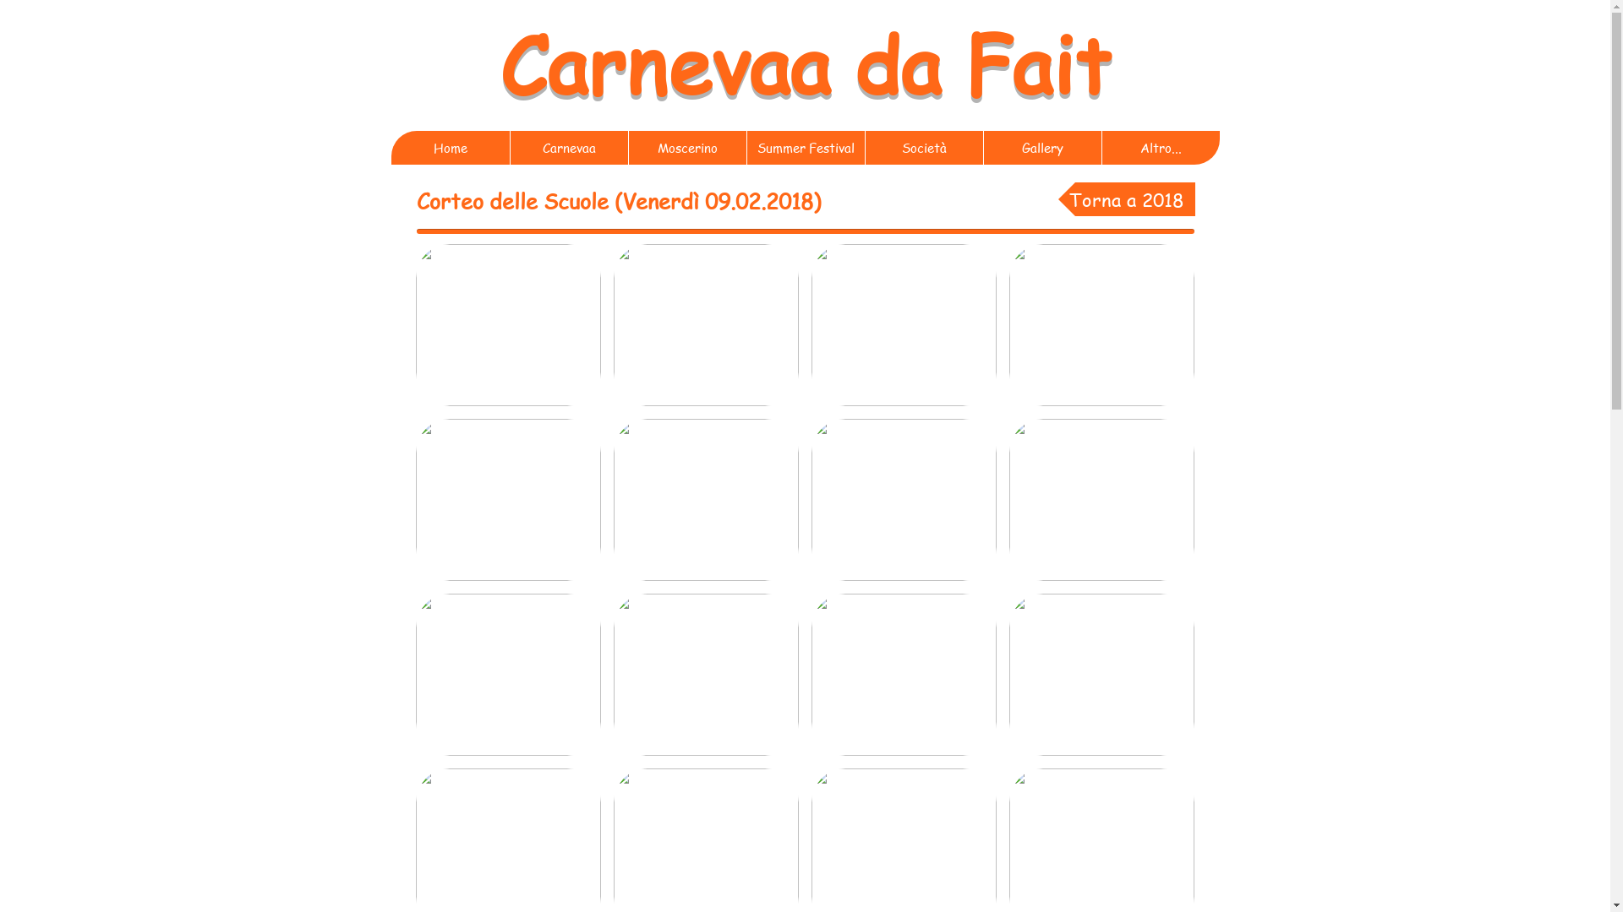 This screenshot has height=912, width=1623. Describe the element at coordinates (686, 146) in the screenshot. I see `'Moscerino'` at that location.